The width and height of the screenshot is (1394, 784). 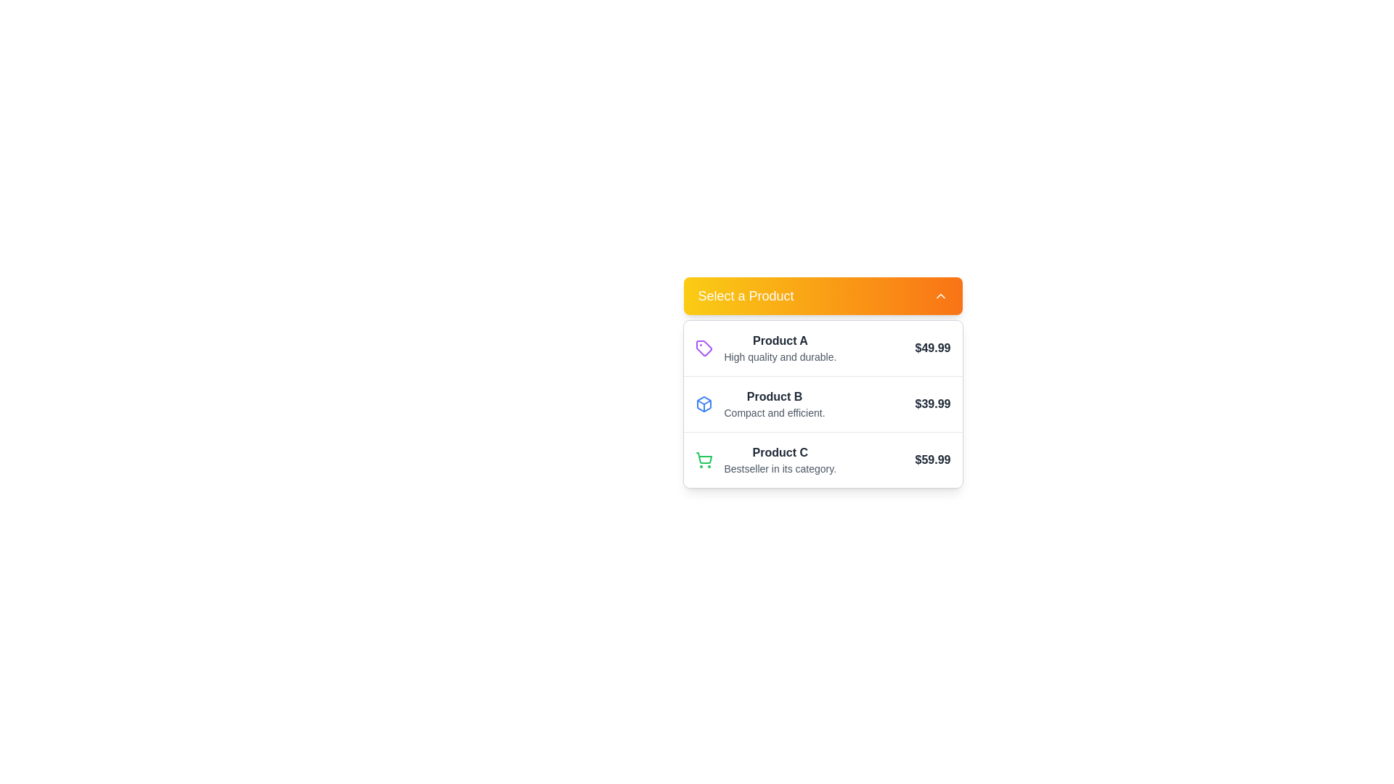 I want to click on the text block displaying 'Product C' and 'Bestseller in its category' located in the third row of the 'Select a Product' dropdown menu, so click(x=779, y=460).